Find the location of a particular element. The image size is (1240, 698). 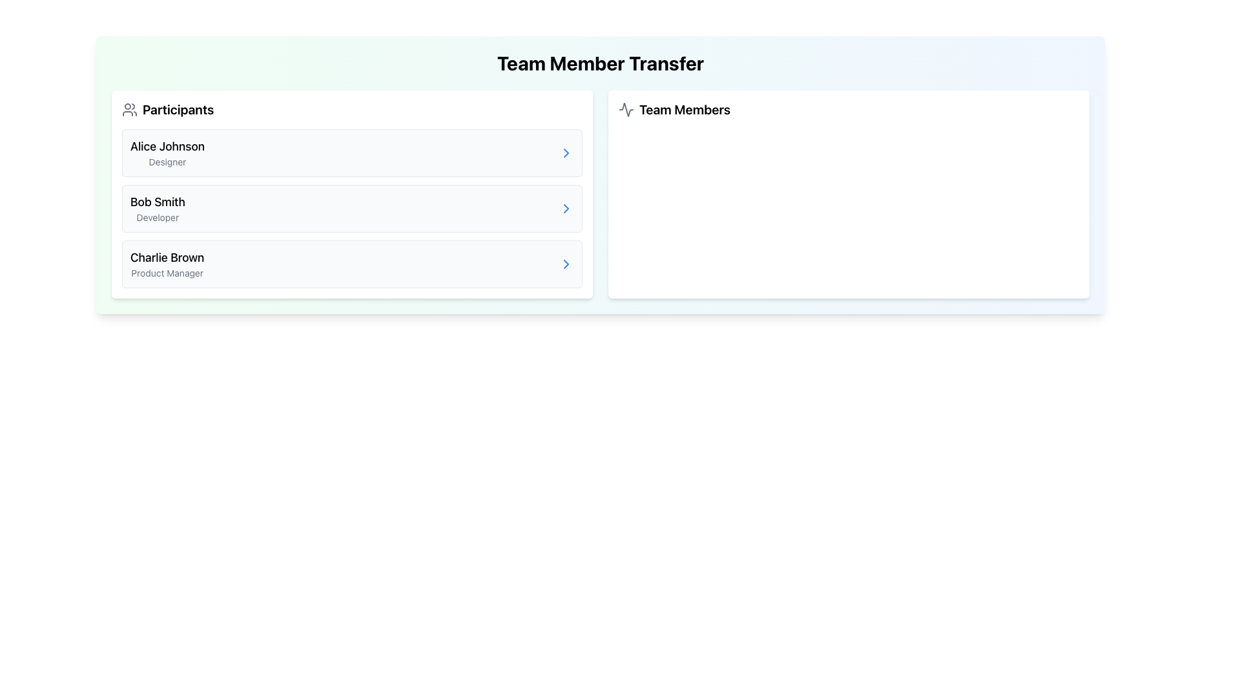

the second item in the participant list displaying a user's name and job title is located at coordinates (352, 208).